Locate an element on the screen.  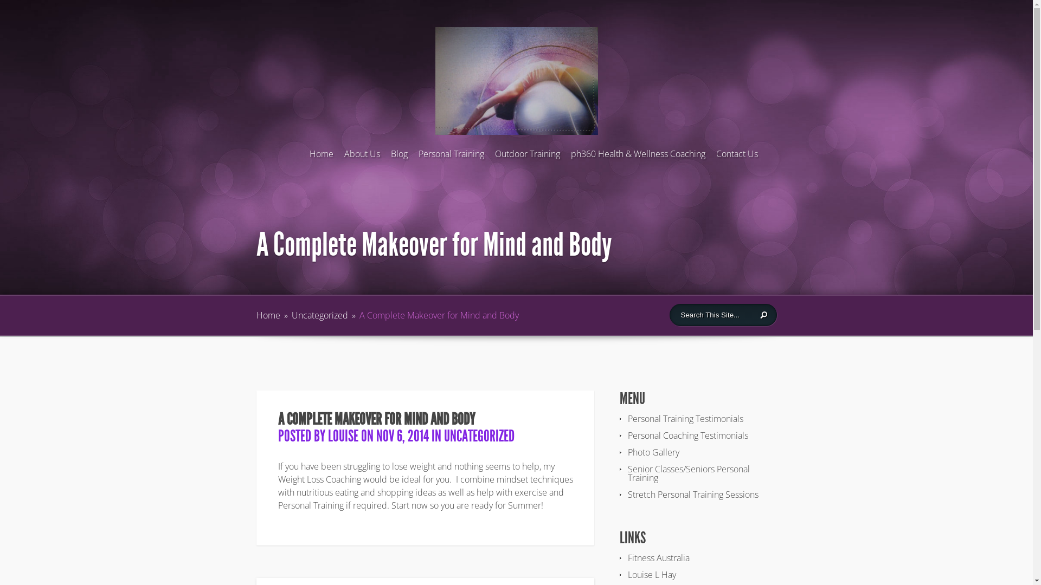
'Home' is located at coordinates (320, 157).